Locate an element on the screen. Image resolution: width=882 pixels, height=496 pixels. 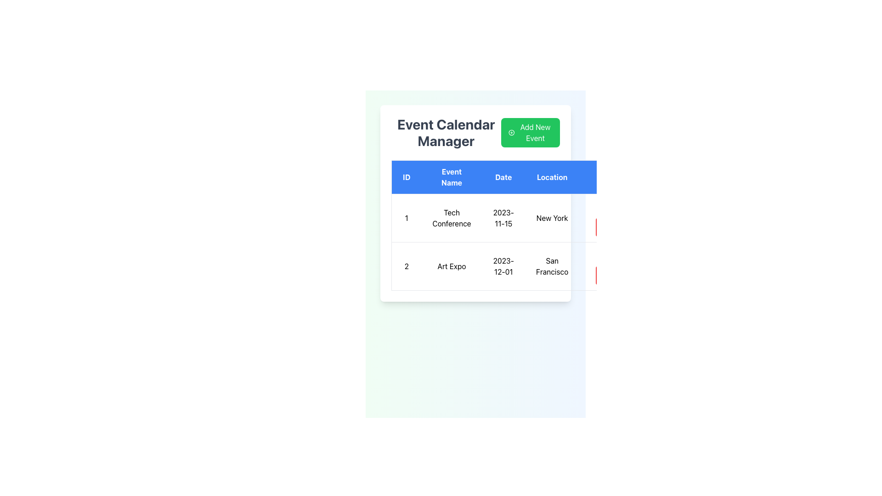
the blue rectangular label with white text reading 'Event Name' located in the header row of the table, positioned between 'ID' and 'Date' is located at coordinates (452, 177).